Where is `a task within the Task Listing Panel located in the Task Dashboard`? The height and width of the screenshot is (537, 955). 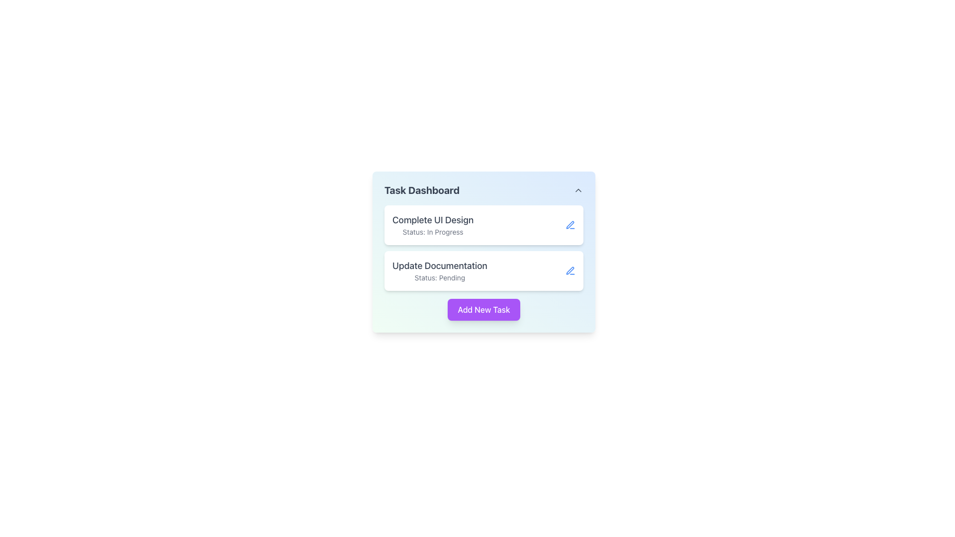 a task within the Task Listing Panel located in the Task Dashboard is located at coordinates (484, 262).